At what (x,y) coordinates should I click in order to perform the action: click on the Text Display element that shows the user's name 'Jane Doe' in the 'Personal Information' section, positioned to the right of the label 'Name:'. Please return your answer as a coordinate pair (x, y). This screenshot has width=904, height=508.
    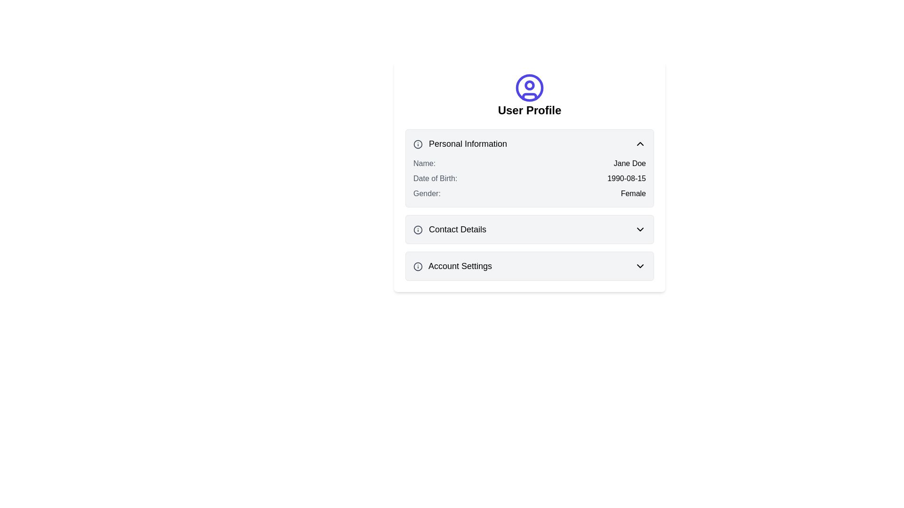
    Looking at the image, I should click on (630, 163).